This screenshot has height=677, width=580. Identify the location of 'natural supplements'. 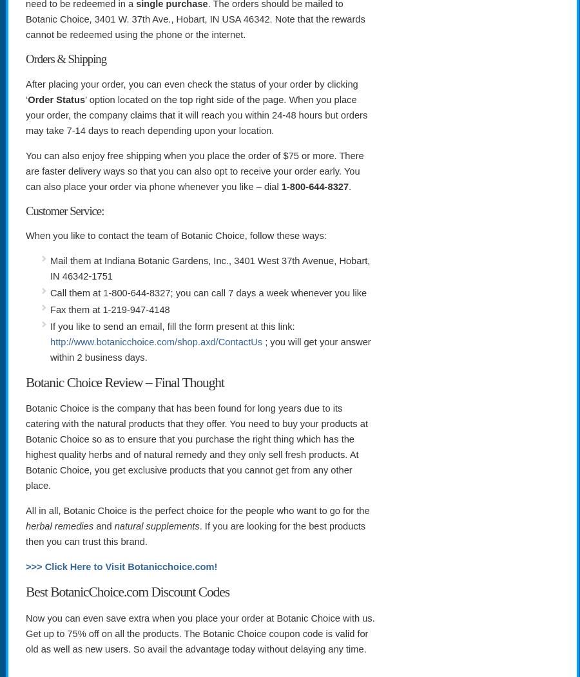
(156, 526).